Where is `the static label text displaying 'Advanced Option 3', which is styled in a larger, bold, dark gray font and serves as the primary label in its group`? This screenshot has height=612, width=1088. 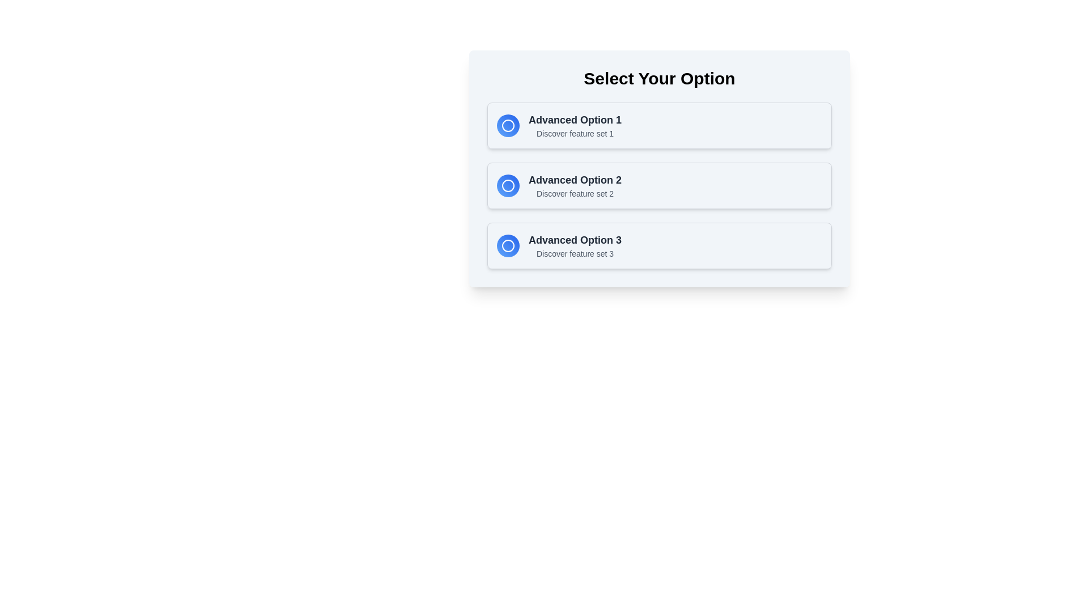 the static label text displaying 'Advanced Option 3', which is styled in a larger, bold, dark gray font and serves as the primary label in its group is located at coordinates (575, 240).